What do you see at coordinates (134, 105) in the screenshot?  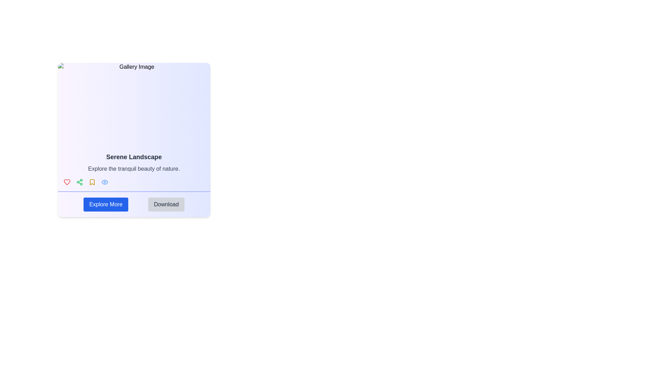 I see `the placeholder image located in the upper section of the card above the title 'Serene Landscape'` at bounding box center [134, 105].